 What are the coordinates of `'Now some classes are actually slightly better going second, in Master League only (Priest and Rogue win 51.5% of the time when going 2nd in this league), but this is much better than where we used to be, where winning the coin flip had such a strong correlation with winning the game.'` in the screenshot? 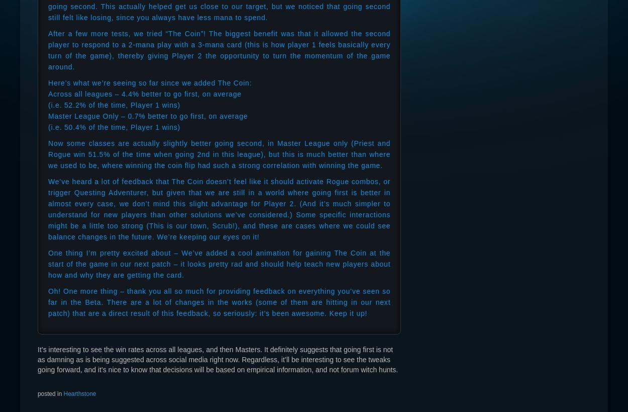 It's located at (219, 154).